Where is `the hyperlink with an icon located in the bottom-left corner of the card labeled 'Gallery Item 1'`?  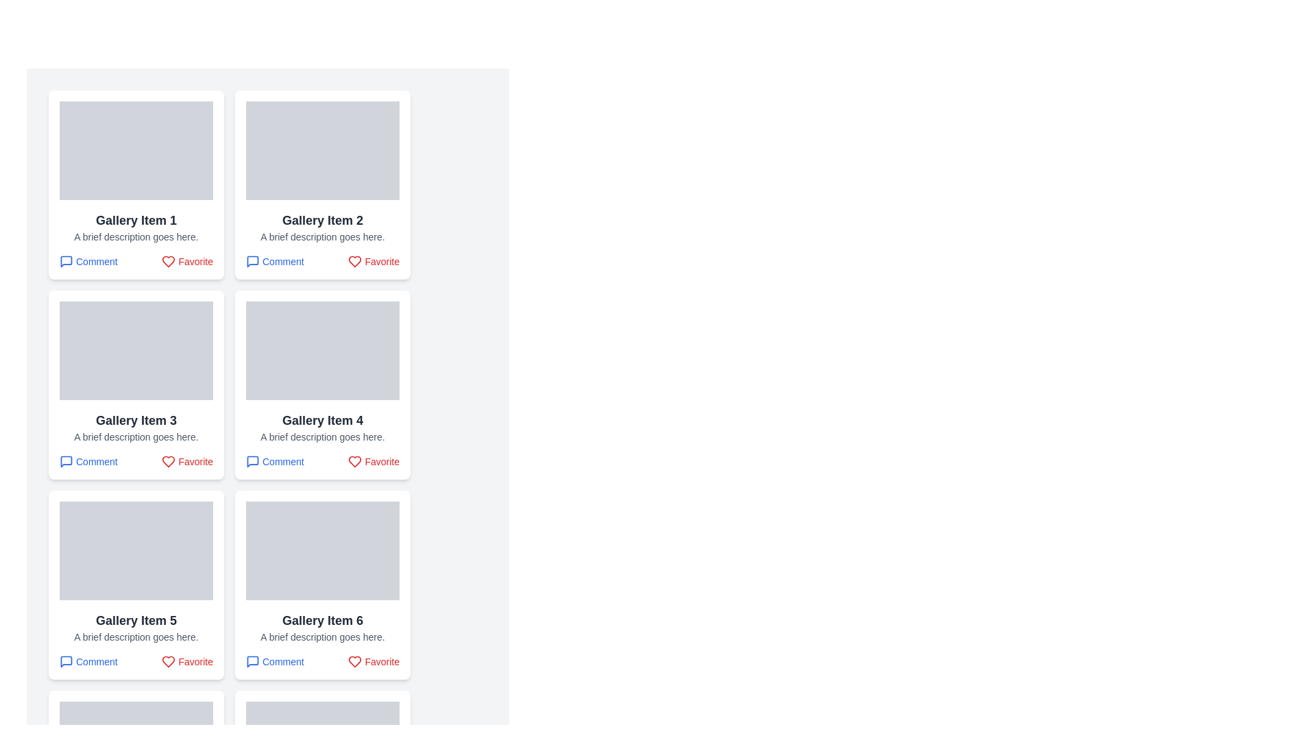
the hyperlink with an icon located in the bottom-left corner of the card labeled 'Gallery Item 1' is located at coordinates (88, 261).